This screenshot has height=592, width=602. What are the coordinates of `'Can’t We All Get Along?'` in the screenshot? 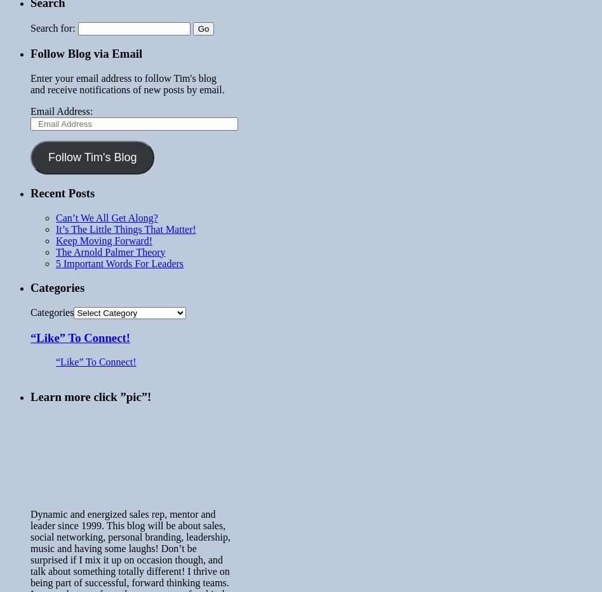 It's located at (105, 216).